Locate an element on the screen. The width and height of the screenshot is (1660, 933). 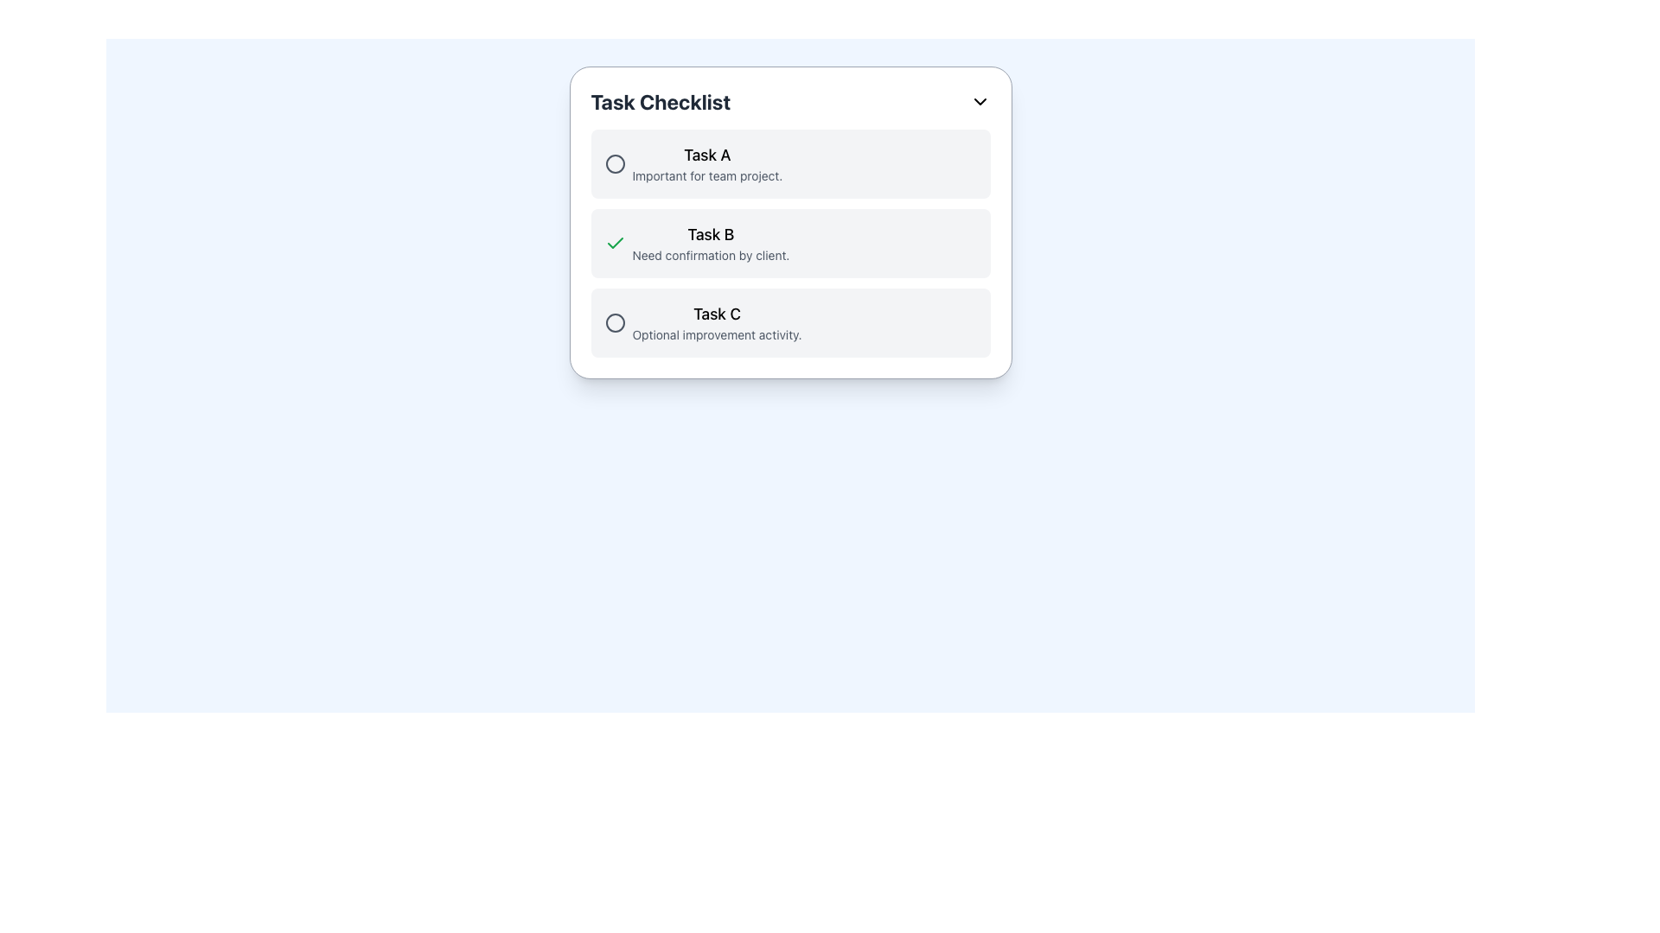
text block titled 'Task C' which contains the description 'Optional improvement activity.' This element is the third item in a vertical checklist within a card-like structure is located at coordinates (717, 323).